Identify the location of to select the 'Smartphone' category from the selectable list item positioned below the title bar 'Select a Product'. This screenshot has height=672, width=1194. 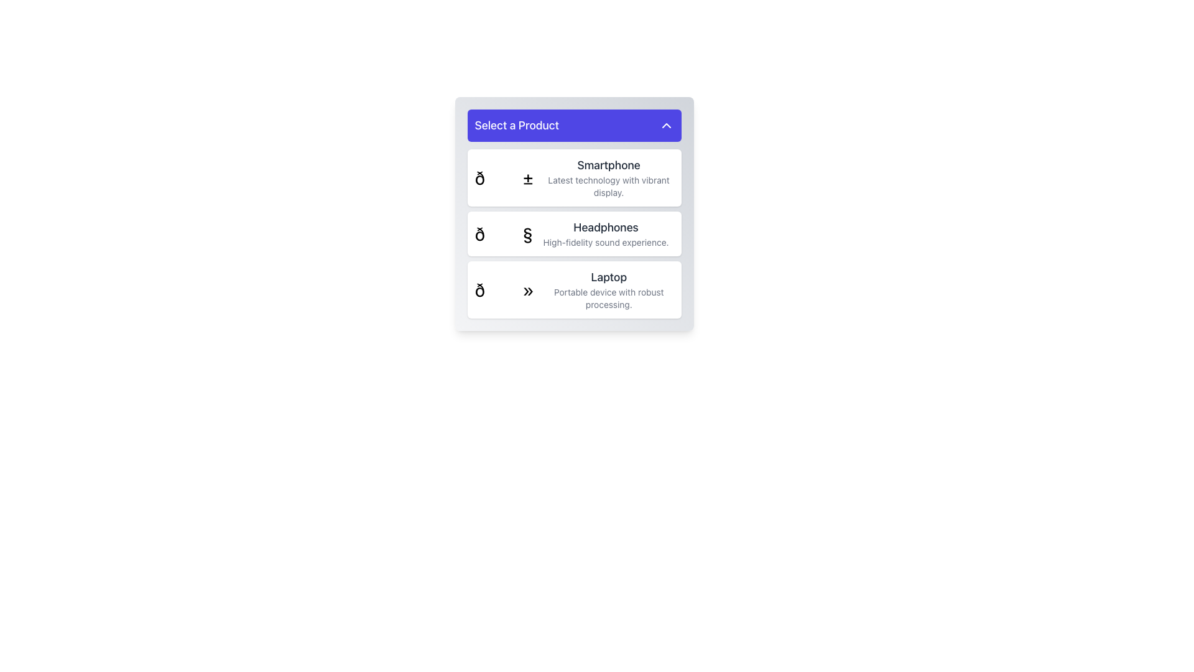
(609, 177).